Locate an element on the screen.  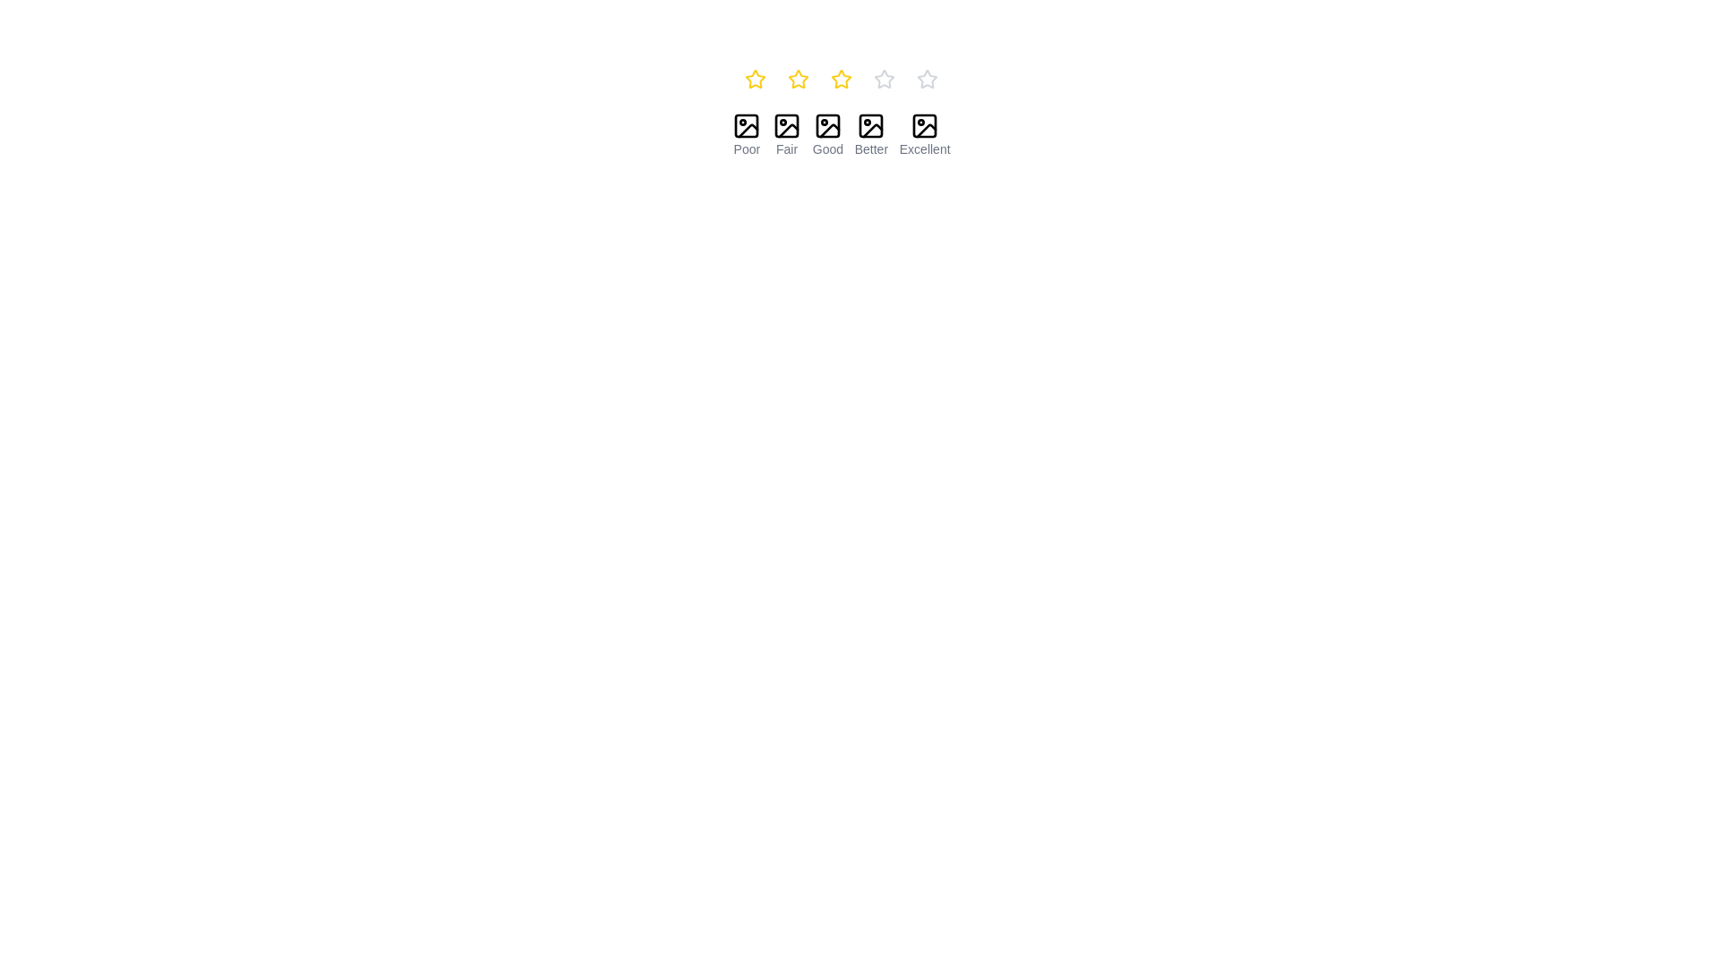
the second yellow star icon in the horizontal sequence of five star icons at the top center of the interface to set a rating is located at coordinates (798, 78).